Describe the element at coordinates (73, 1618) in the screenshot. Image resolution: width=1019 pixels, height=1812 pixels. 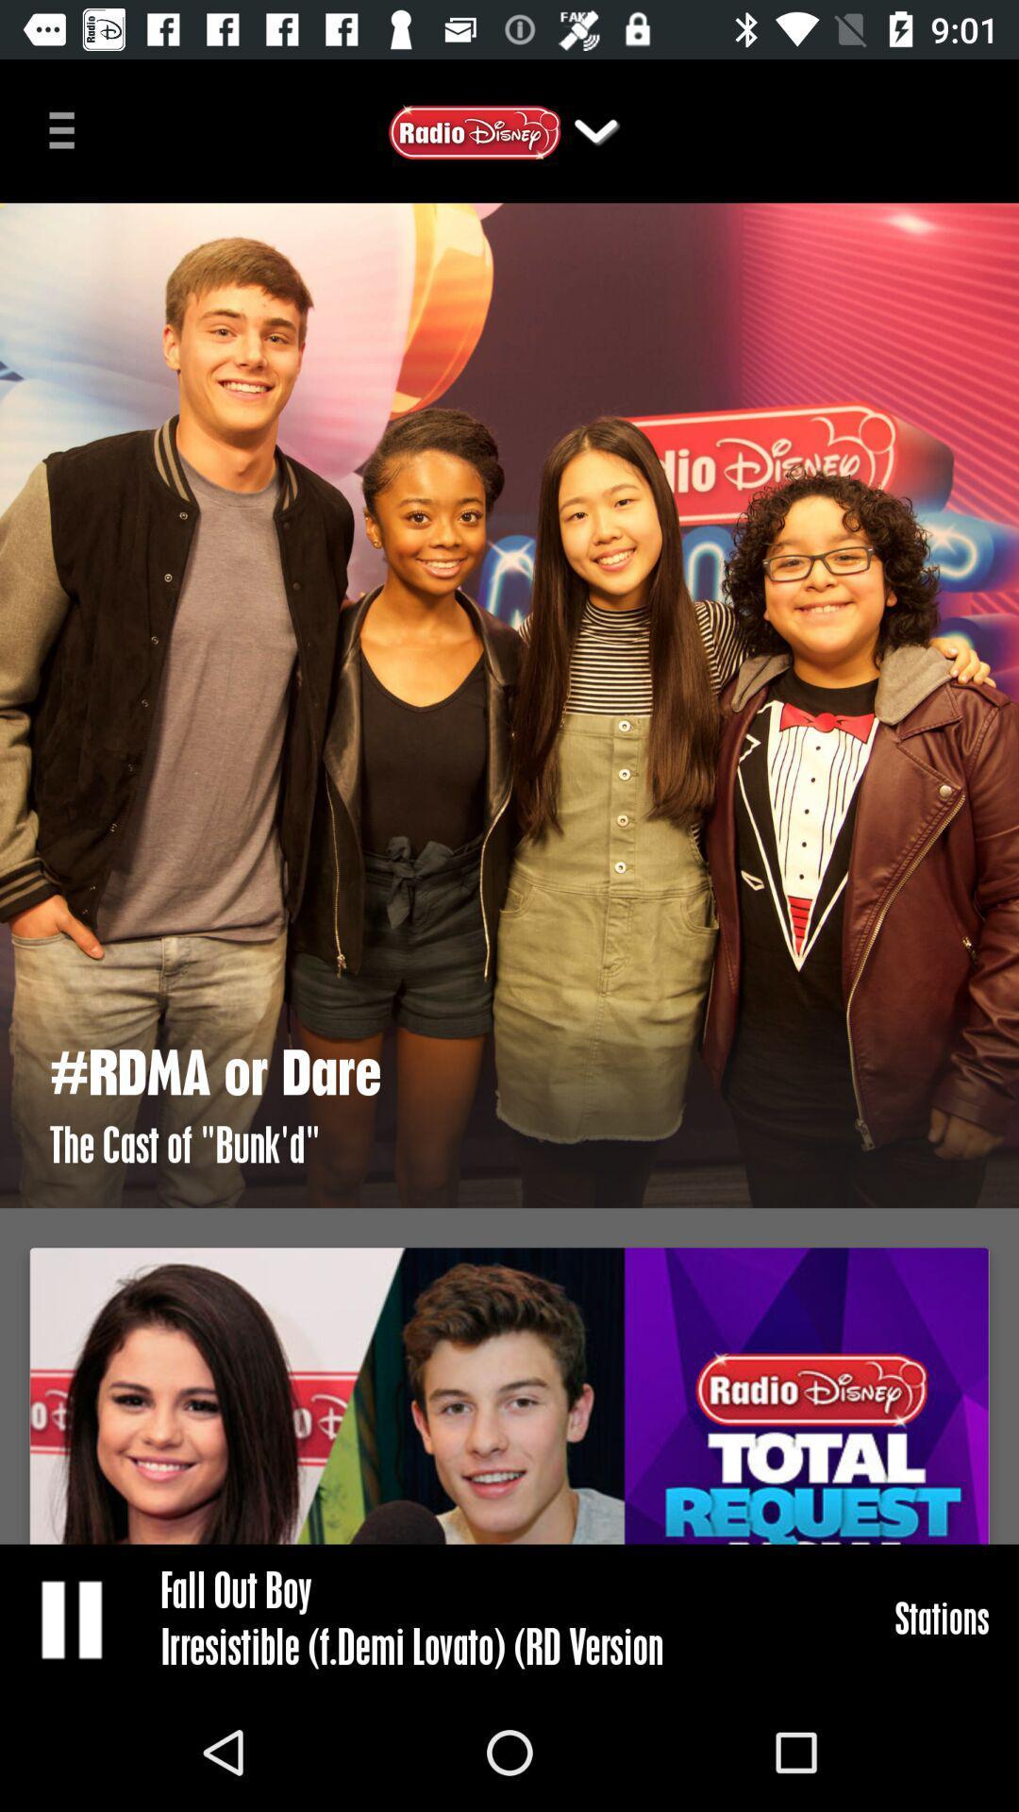
I see `the item next to the fall out boy icon` at that location.